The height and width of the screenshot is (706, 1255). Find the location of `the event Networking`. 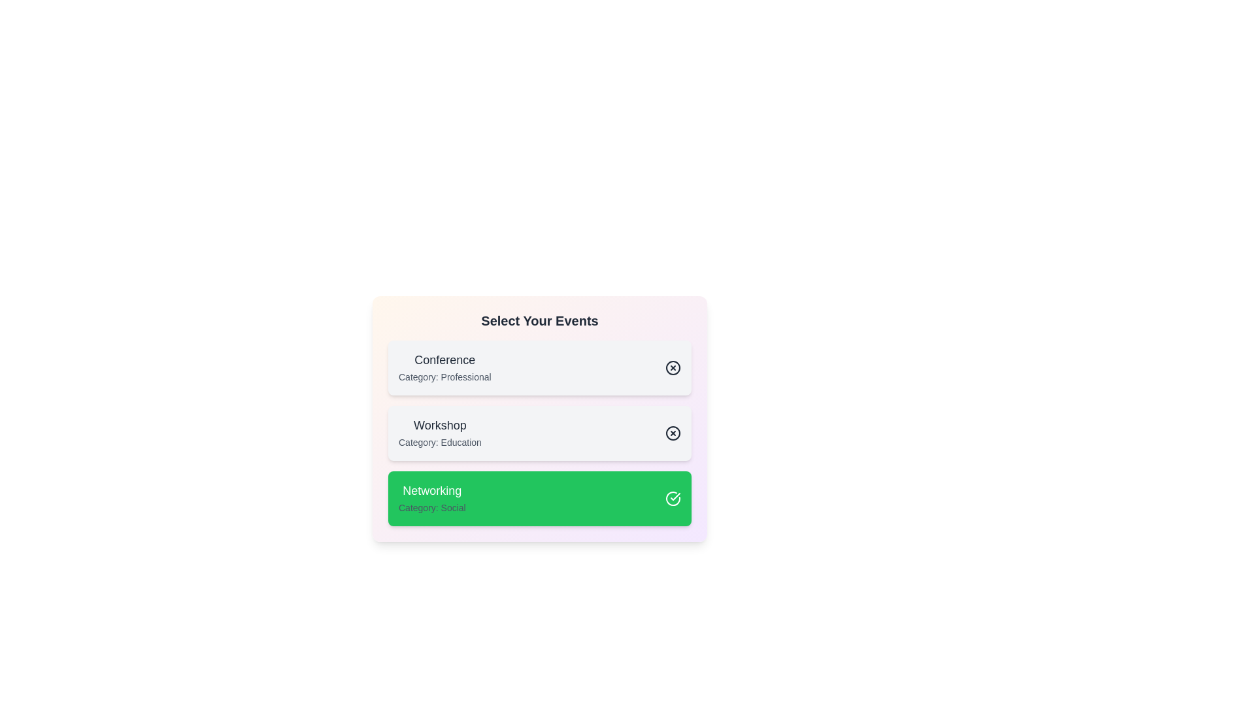

the event Networking is located at coordinates (539, 499).